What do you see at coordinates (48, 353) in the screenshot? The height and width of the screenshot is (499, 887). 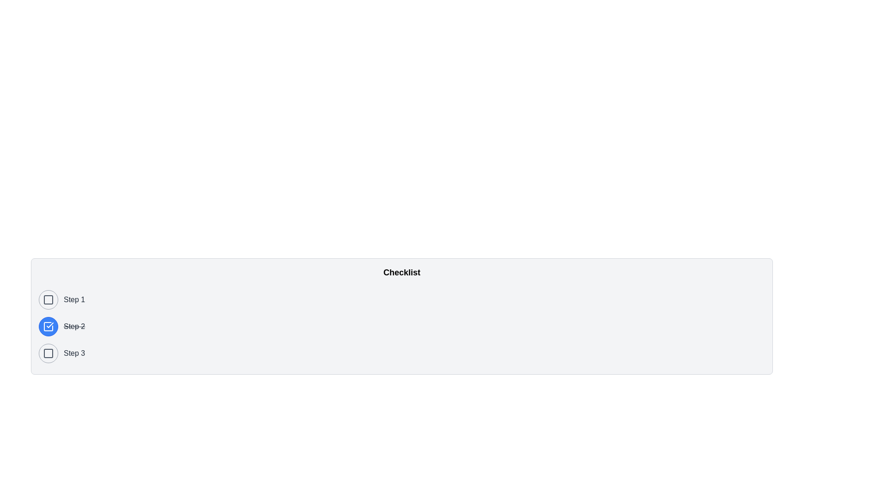 I see `the Checkbox indicator, which is a square icon with a light gray border and a transparent background, located beside the text 'Step 3' in the vertical checklist` at bounding box center [48, 353].